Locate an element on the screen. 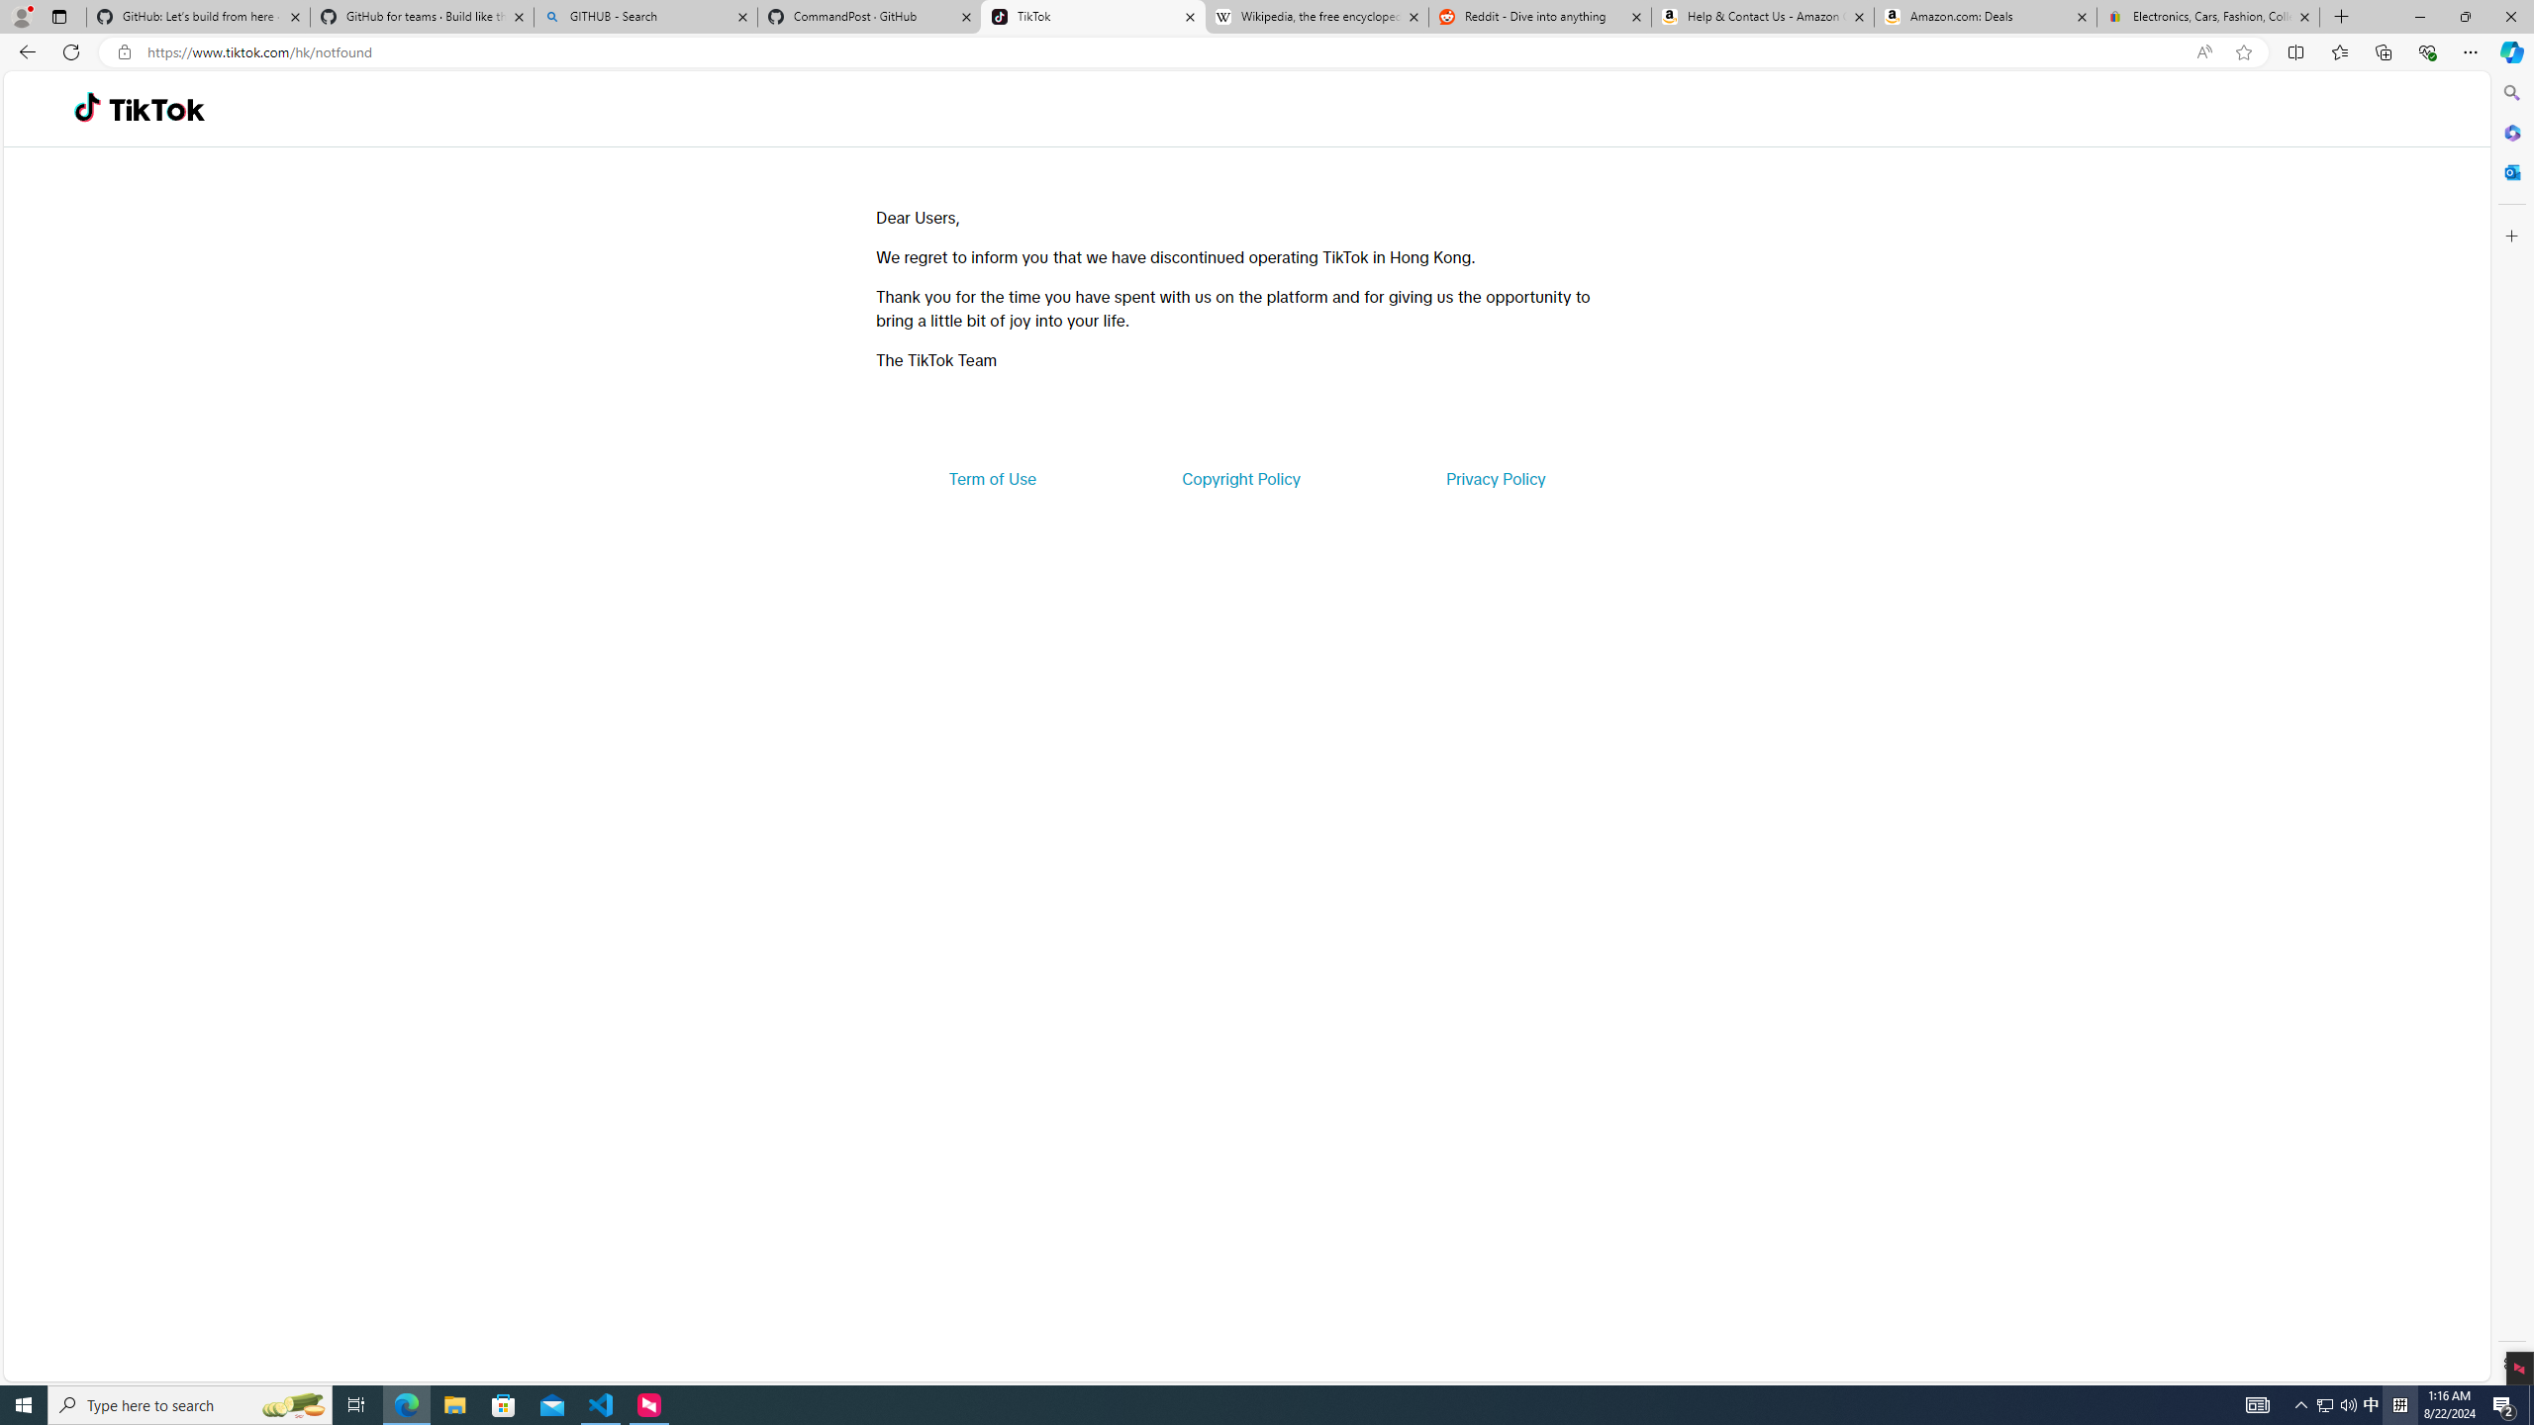  'Reddit - Dive into anything' is located at coordinates (1540, 16).